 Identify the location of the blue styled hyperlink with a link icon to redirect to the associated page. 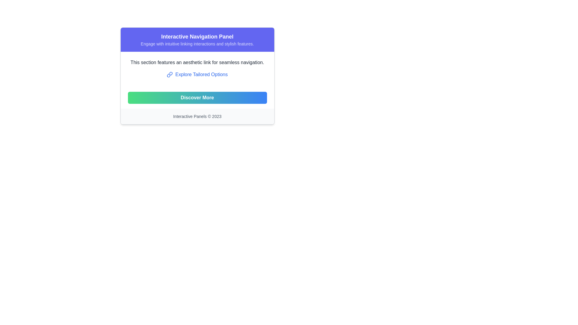
(197, 74).